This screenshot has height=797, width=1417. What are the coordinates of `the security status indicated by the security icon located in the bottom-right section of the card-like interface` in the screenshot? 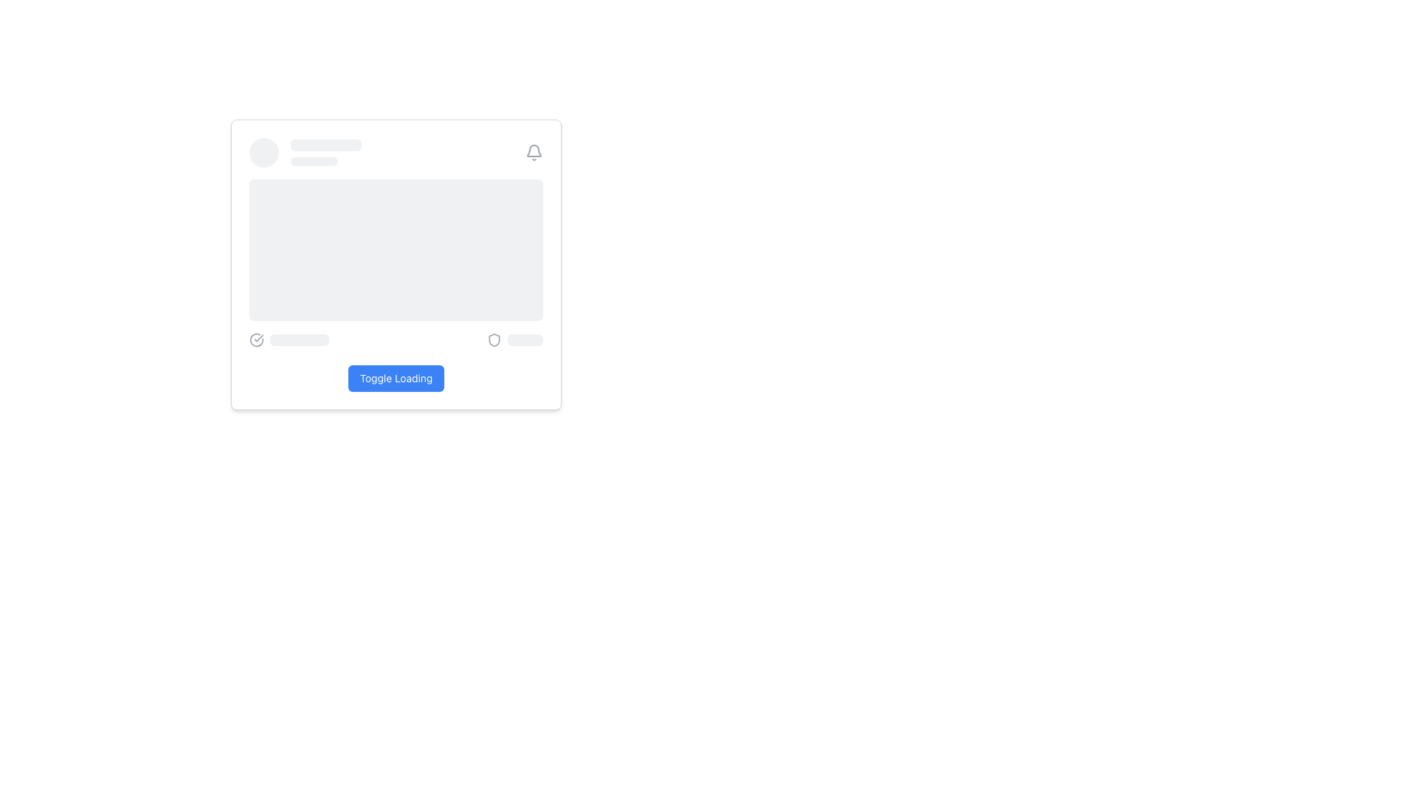 It's located at (494, 340).